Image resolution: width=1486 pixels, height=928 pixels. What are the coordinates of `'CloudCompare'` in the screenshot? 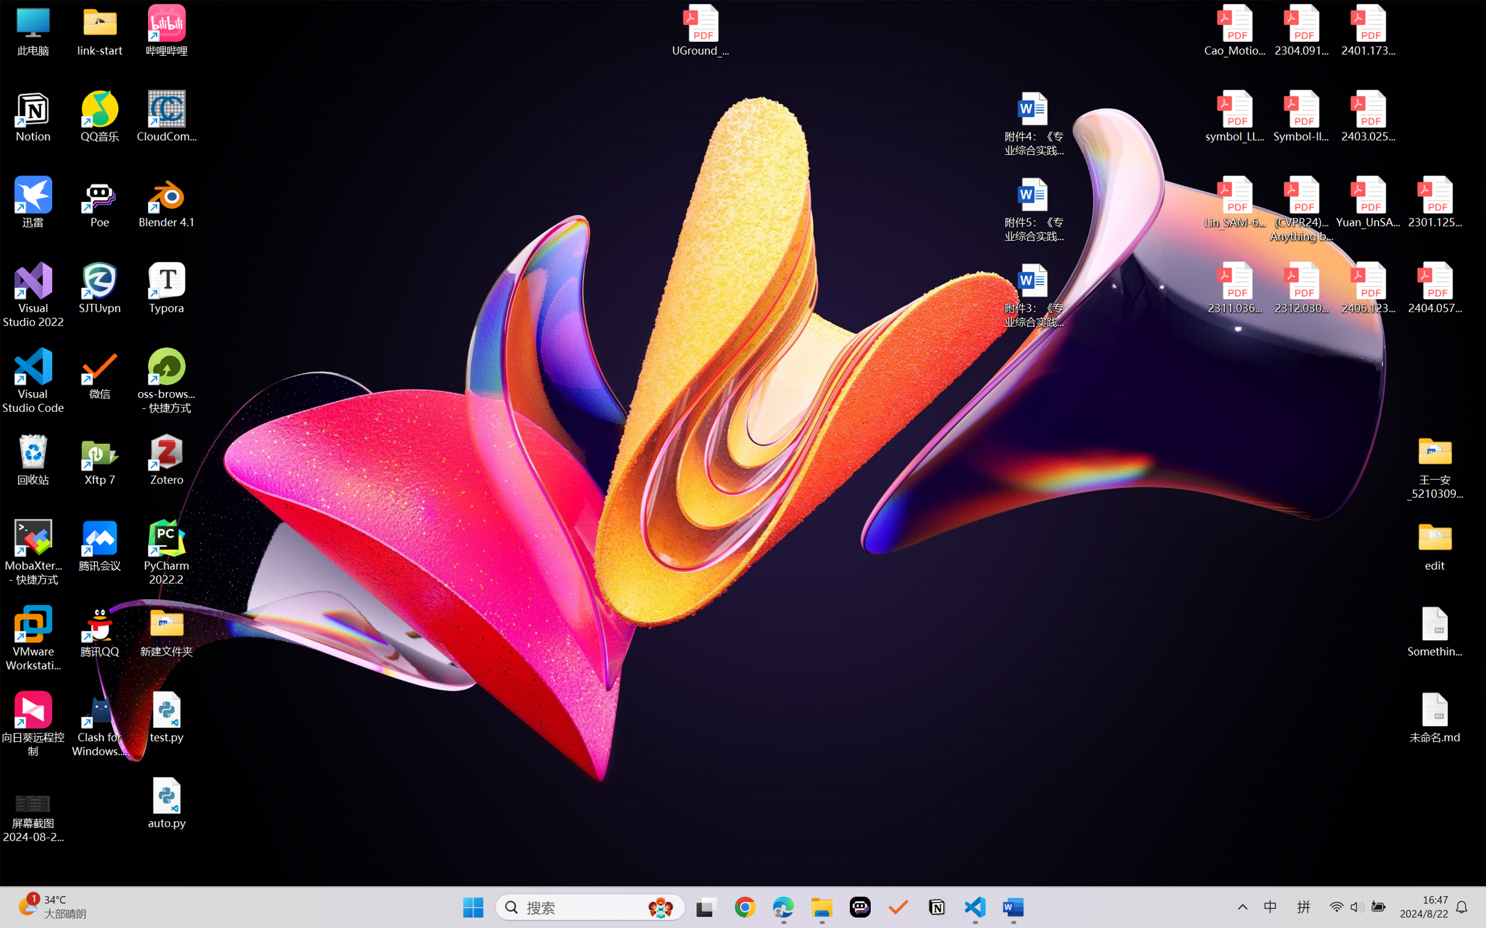 It's located at (166, 117).